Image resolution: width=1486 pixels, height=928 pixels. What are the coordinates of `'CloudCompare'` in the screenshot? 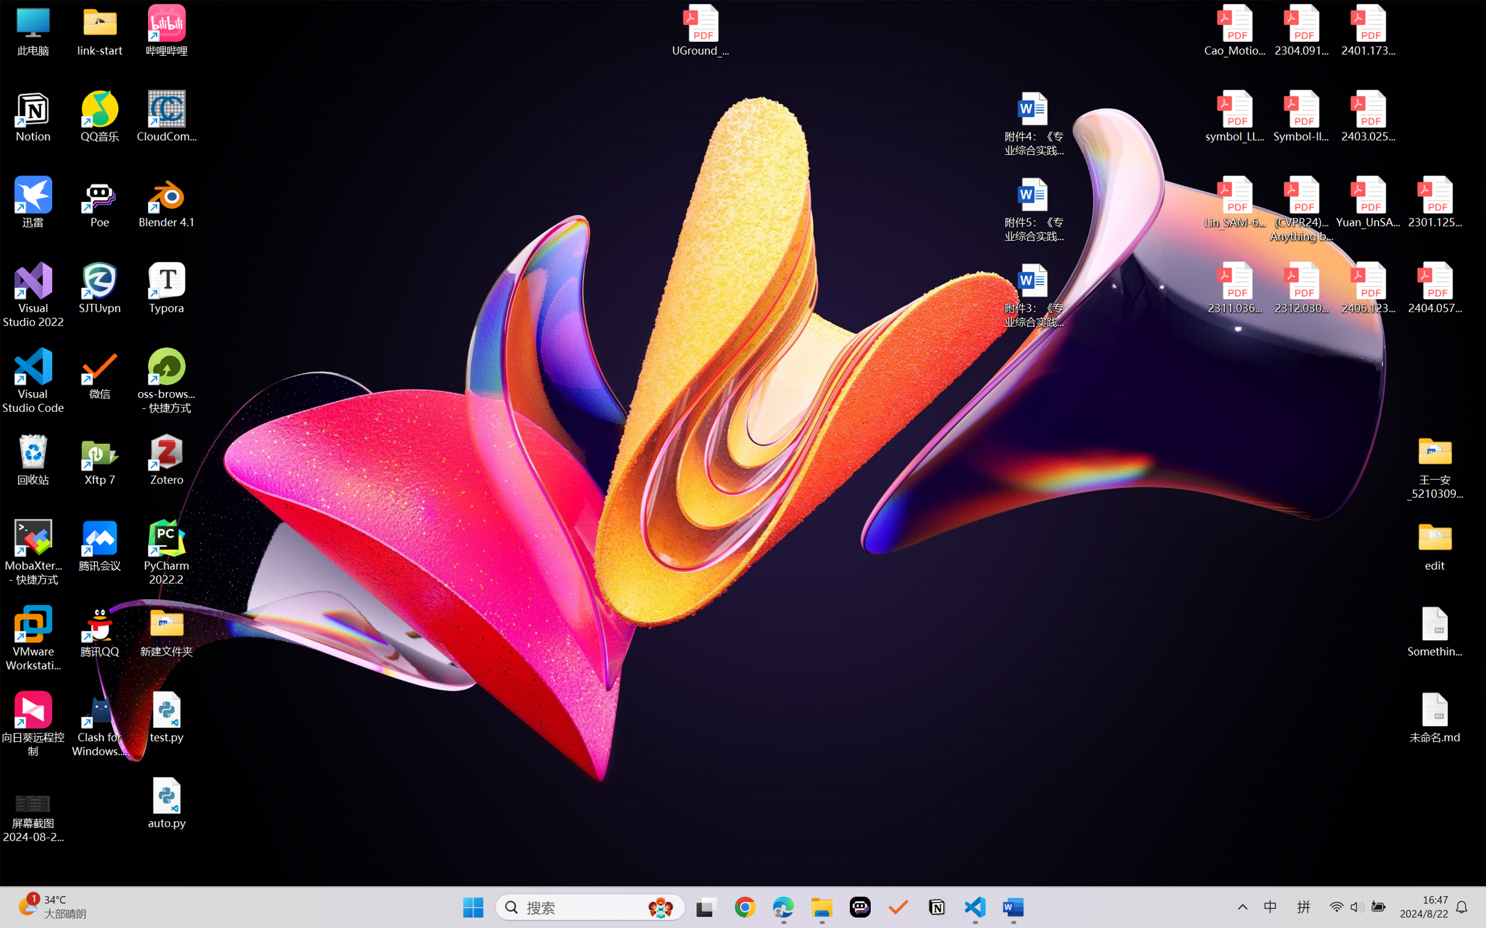 It's located at (166, 117).